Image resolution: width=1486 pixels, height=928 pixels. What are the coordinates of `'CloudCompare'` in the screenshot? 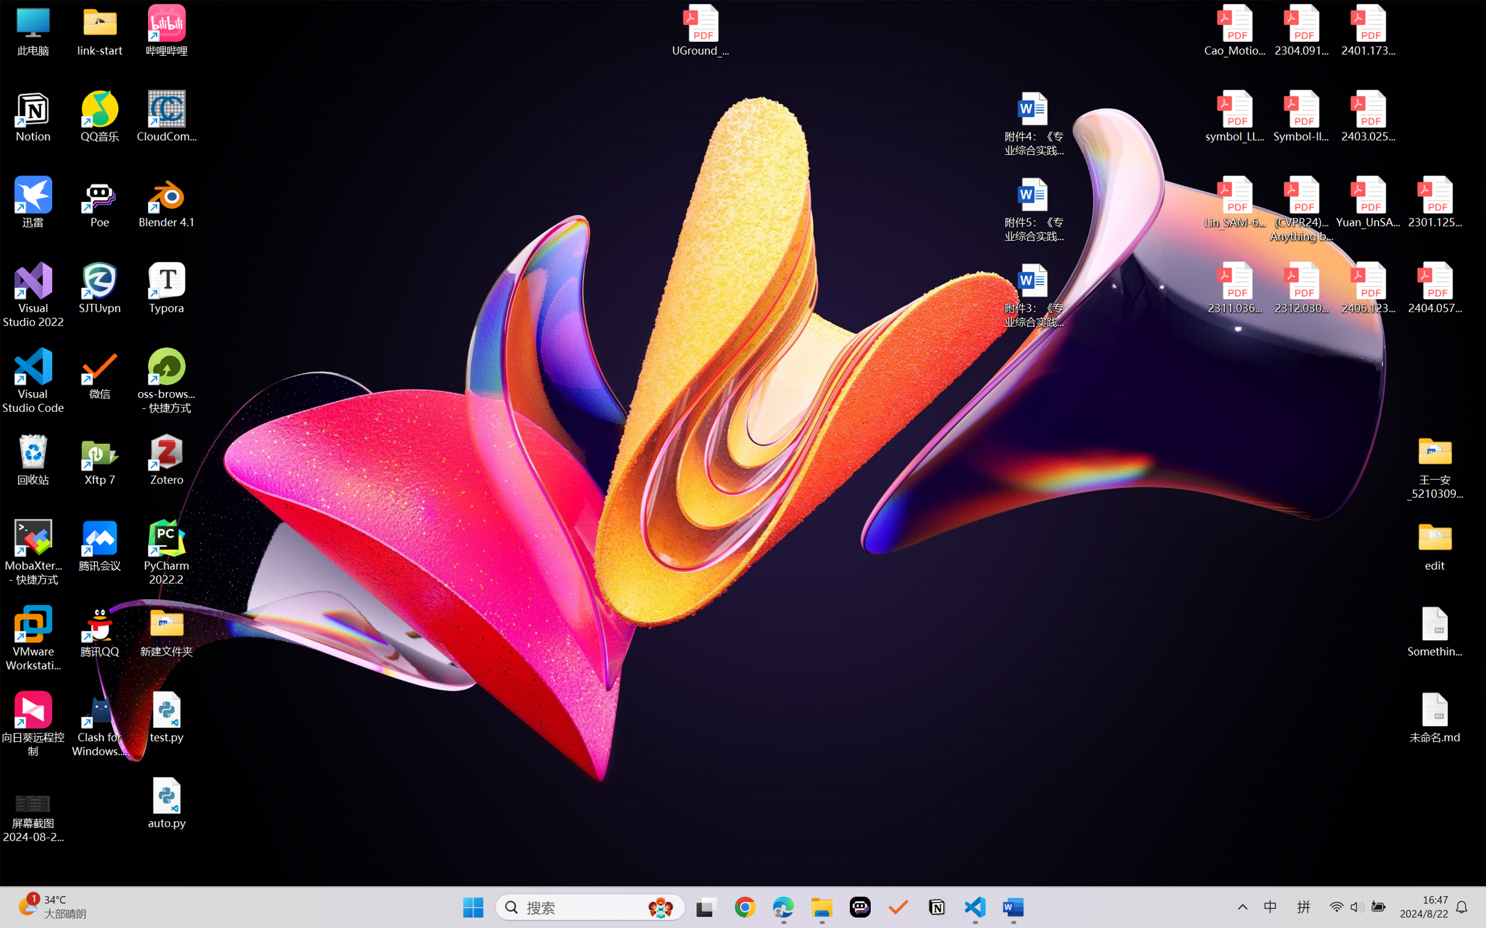 It's located at (166, 117).